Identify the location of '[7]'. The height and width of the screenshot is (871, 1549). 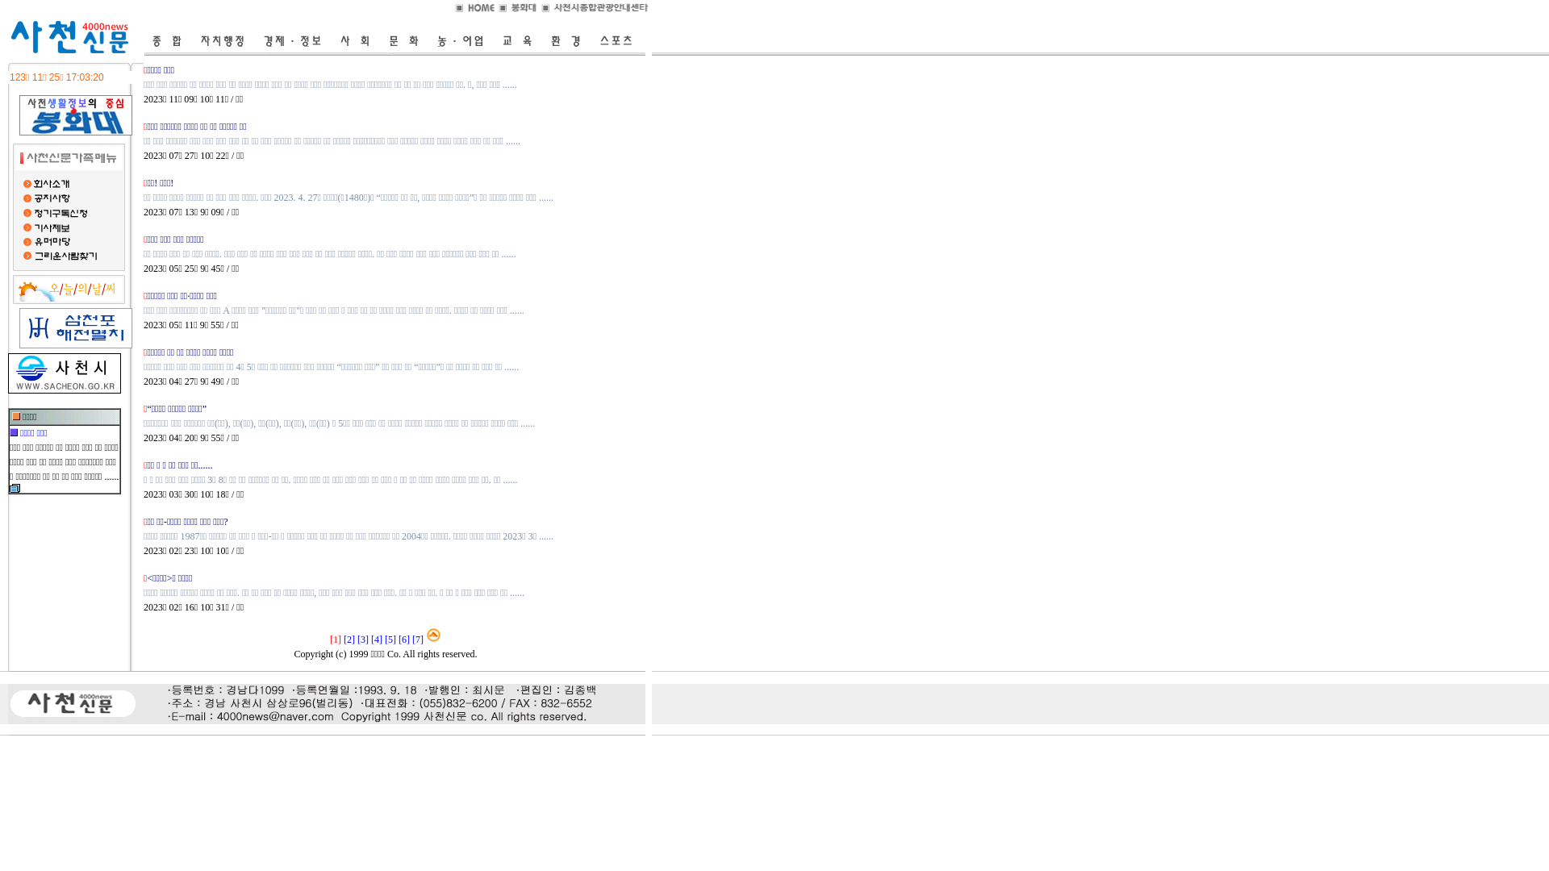
(418, 639).